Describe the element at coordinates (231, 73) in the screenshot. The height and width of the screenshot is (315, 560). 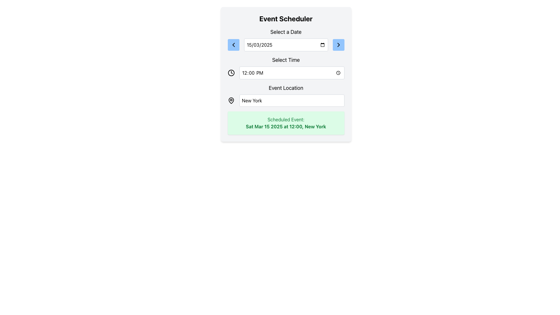
I see `the clock icon located to the left of the time input field under the 'Select Time' label` at that location.